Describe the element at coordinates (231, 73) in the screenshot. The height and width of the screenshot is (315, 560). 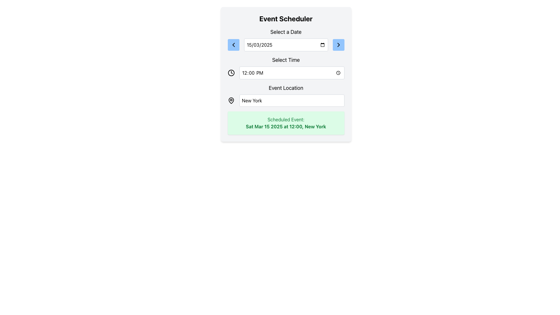
I see `the clock icon located to the left of the time input field under the 'Select Time' label` at that location.